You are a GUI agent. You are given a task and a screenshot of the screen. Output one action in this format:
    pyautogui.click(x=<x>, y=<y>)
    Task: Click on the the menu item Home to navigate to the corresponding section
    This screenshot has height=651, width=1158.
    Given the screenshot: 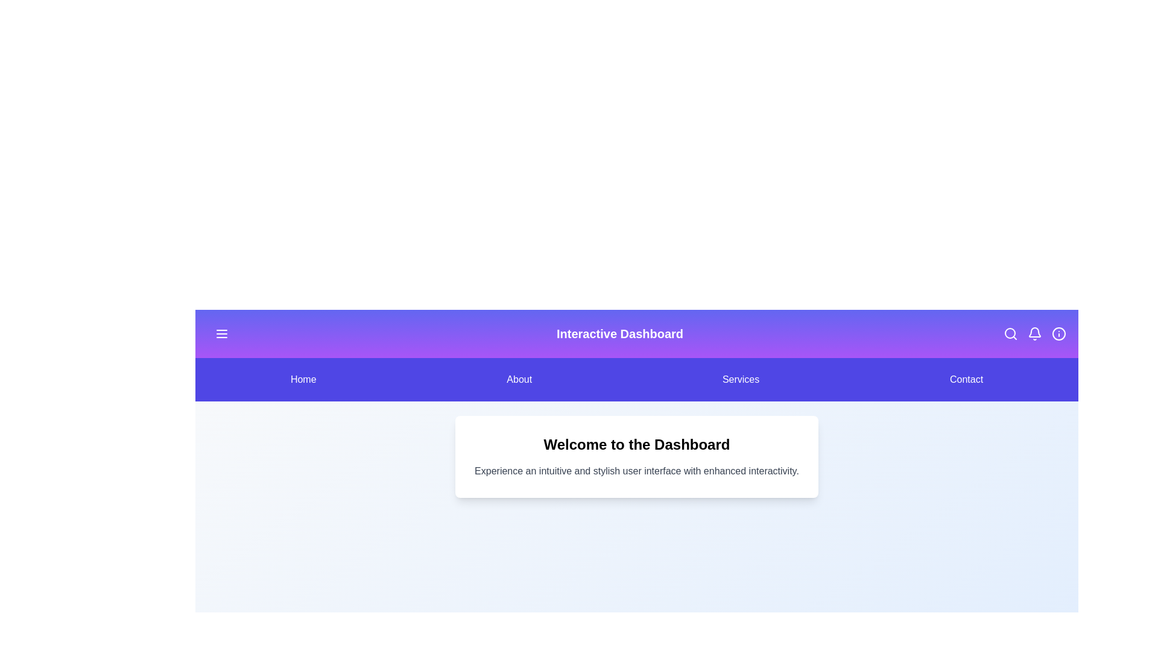 What is the action you would take?
    pyautogui.click(x=303, y=379)
    